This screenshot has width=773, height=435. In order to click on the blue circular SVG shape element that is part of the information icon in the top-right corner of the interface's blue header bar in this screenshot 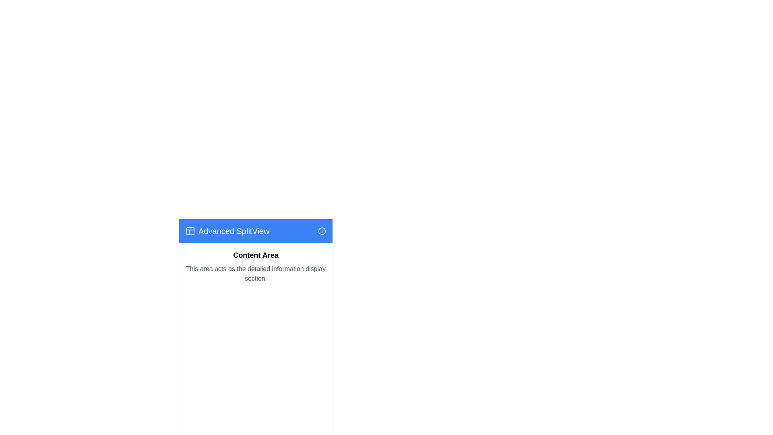, I will do `click(322, 231)`.